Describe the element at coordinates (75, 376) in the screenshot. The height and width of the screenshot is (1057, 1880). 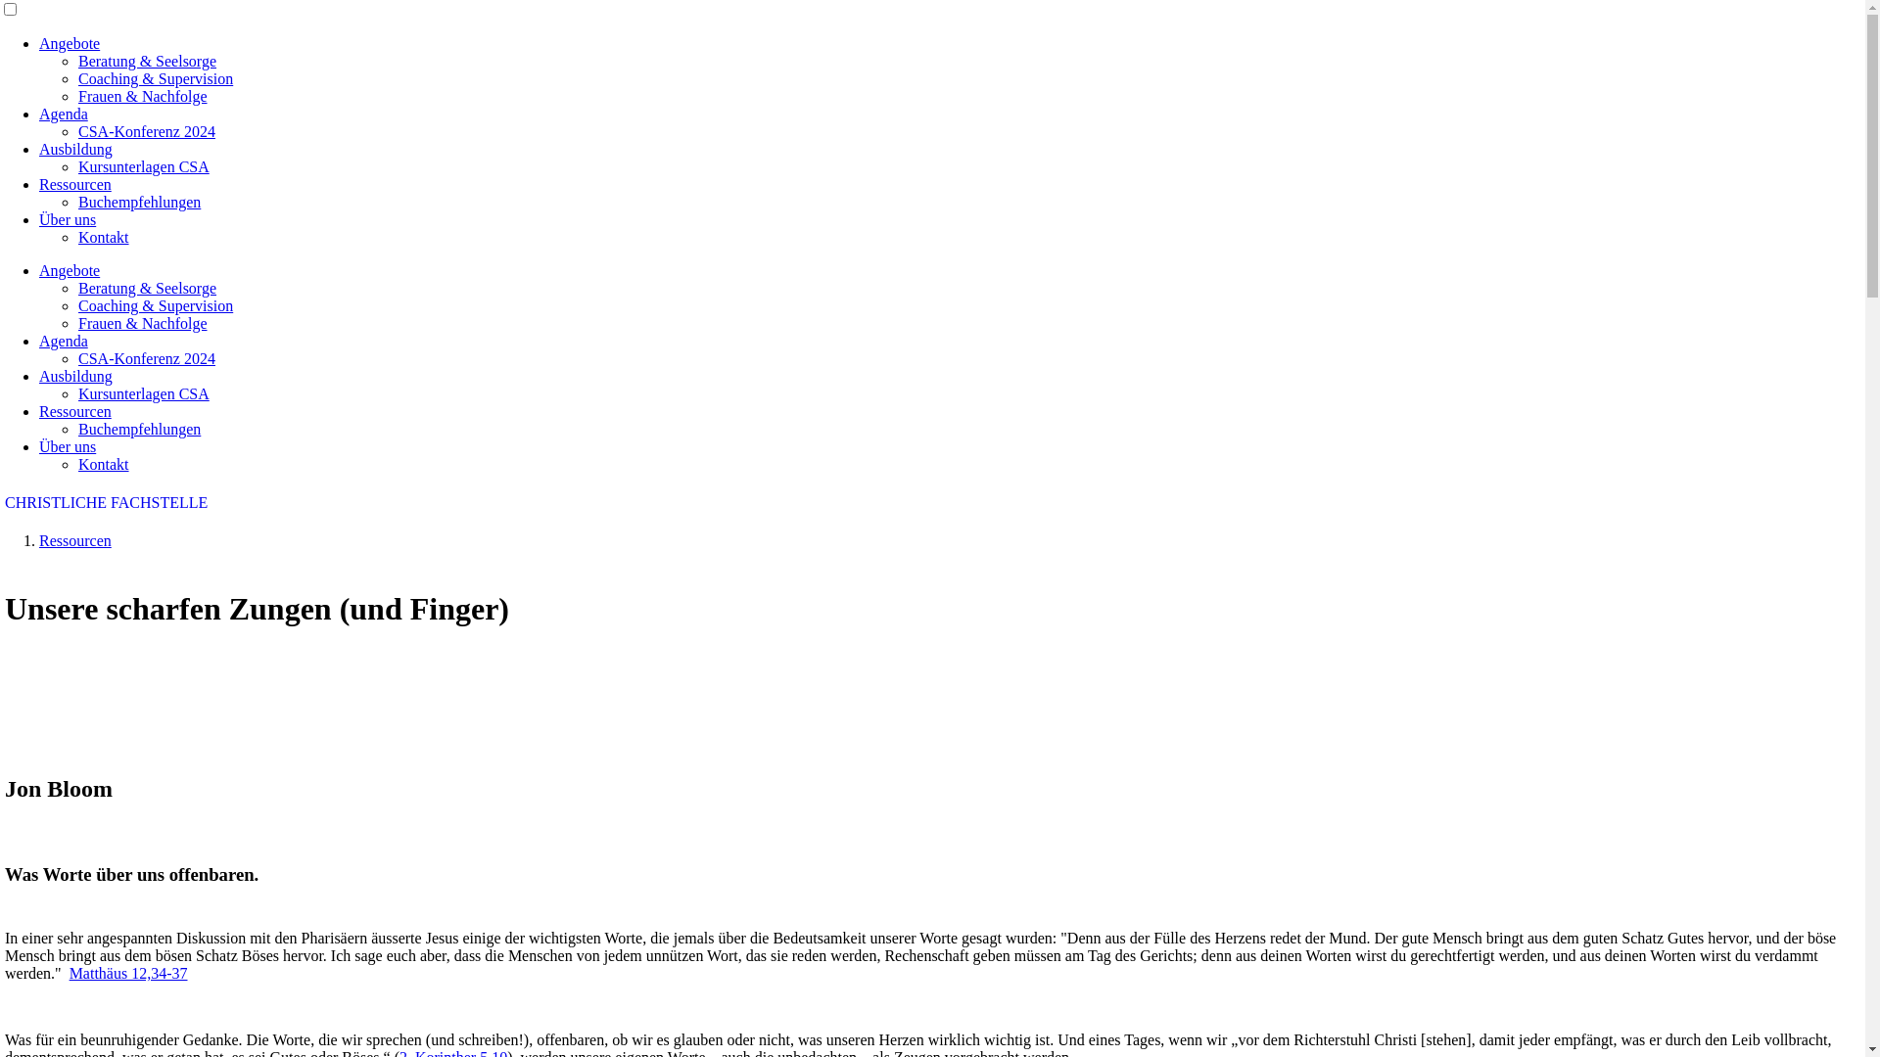
I see `'Ausbildung'` at that location.